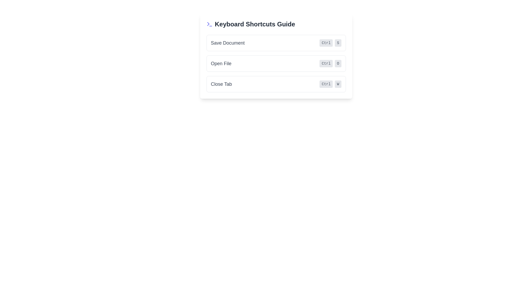  What do you see at coordinates (228, 42) in the screenshot?
I see `the Text Label that describes the 'Save Document' action associated with the 'Ctrl+S' keyboard shortcut, located in the first row of the 'Keyboard Shortcuts Guide' section` at bounding box center [228, 42].